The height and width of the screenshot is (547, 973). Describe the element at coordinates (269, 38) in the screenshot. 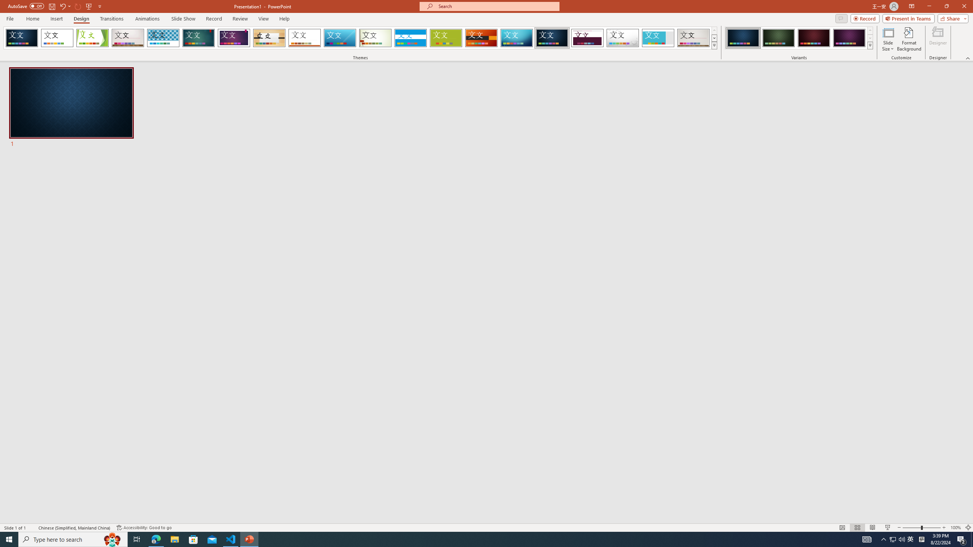

I see `'Organic Loading Preview...'` at that location.